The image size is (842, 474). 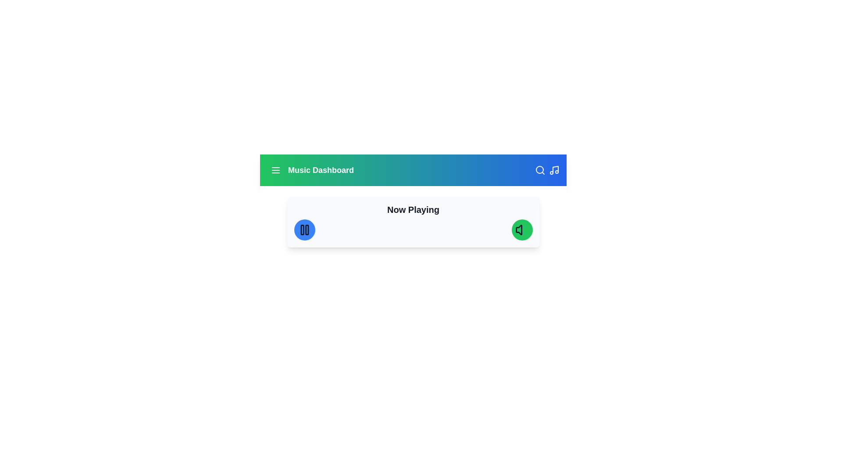 I want to click on play/pause button in the 'Now Playing' section, so click(x=304, y=230).